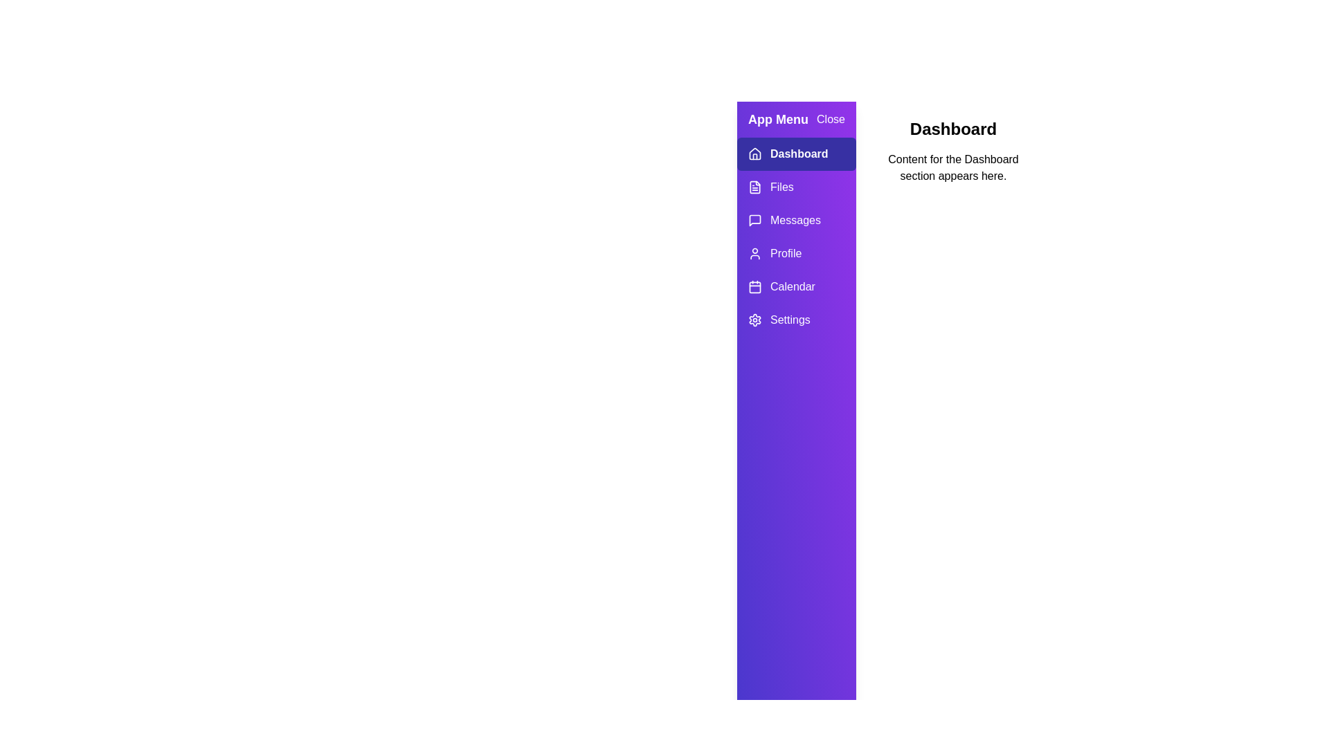 The image size is (1329, 747). I want to click on the Settings tab in the menu, so click(796, 320).